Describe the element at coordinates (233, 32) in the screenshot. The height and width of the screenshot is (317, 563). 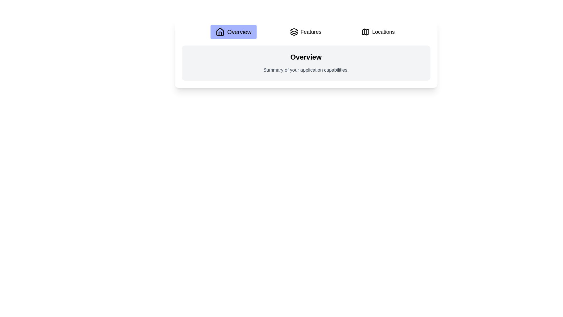
I see `the Overview tab to navigate to its content` at that location.